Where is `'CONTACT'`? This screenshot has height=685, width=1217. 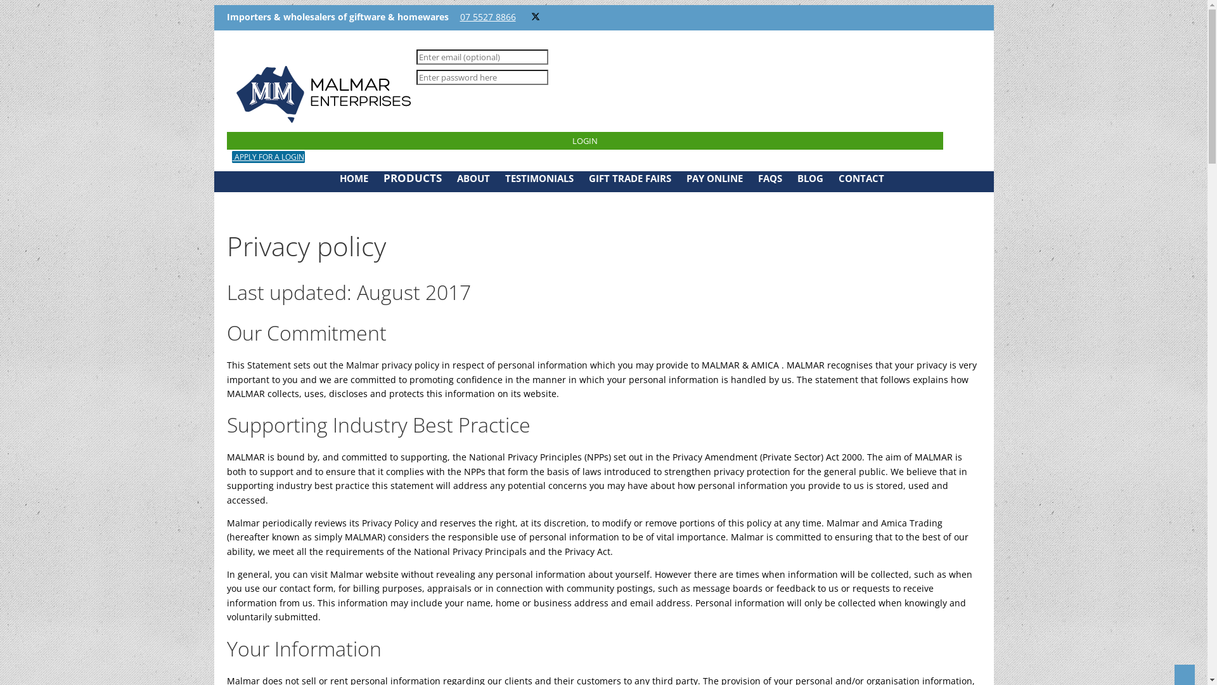
'CONTACT' is located at coordinates (861, 178).